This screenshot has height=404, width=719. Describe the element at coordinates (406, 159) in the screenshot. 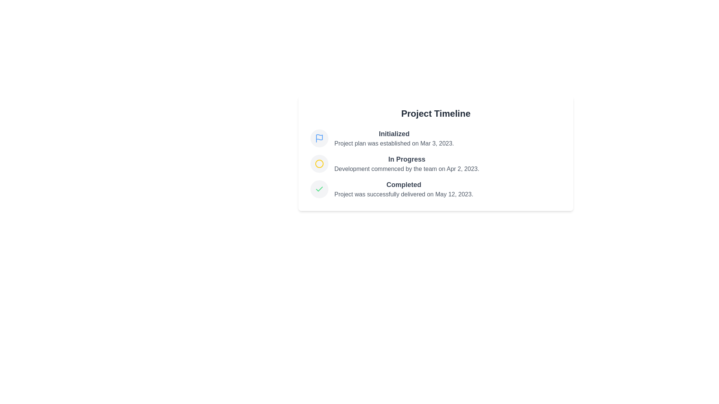

I see `the text label indicating the current status of the project as 'In Progress', which is centrally aligned in the second section of the project timeline` at that location.